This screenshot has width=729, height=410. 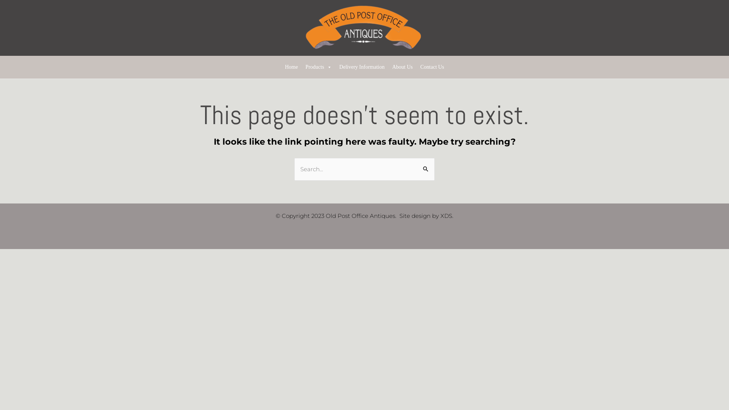 What do you see at coordinates (388, 67) in the screenshot?
I see `'About Us'` at bounding box center [388, 67].